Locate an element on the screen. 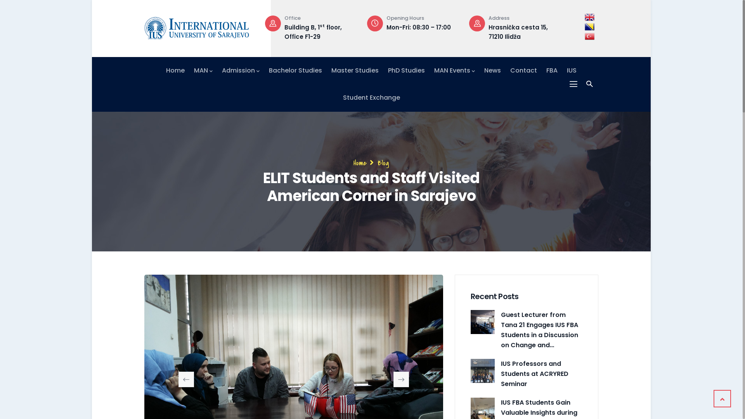  'MAN' is located at coordinates (203, 70).